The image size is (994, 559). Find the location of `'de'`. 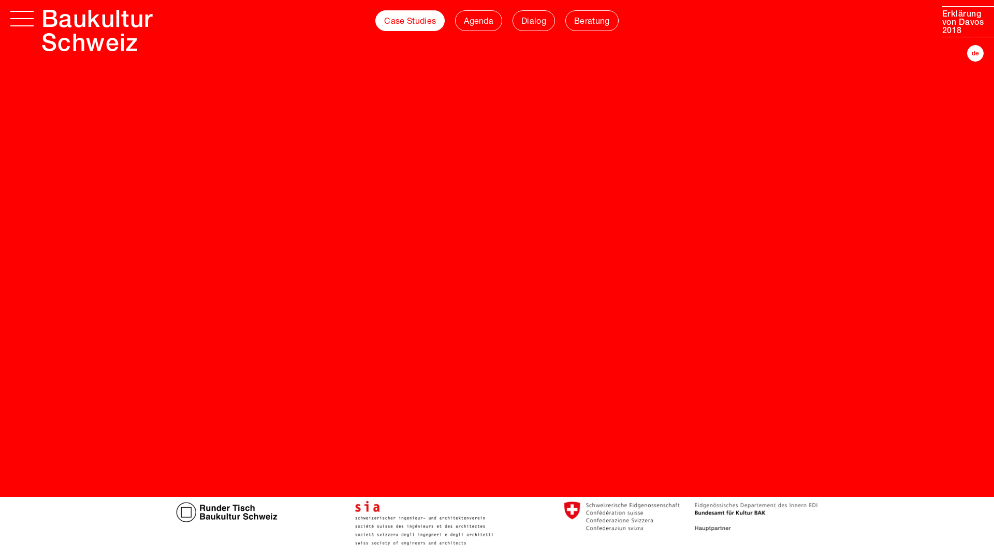

'de' is located at coordinates (974, 53).